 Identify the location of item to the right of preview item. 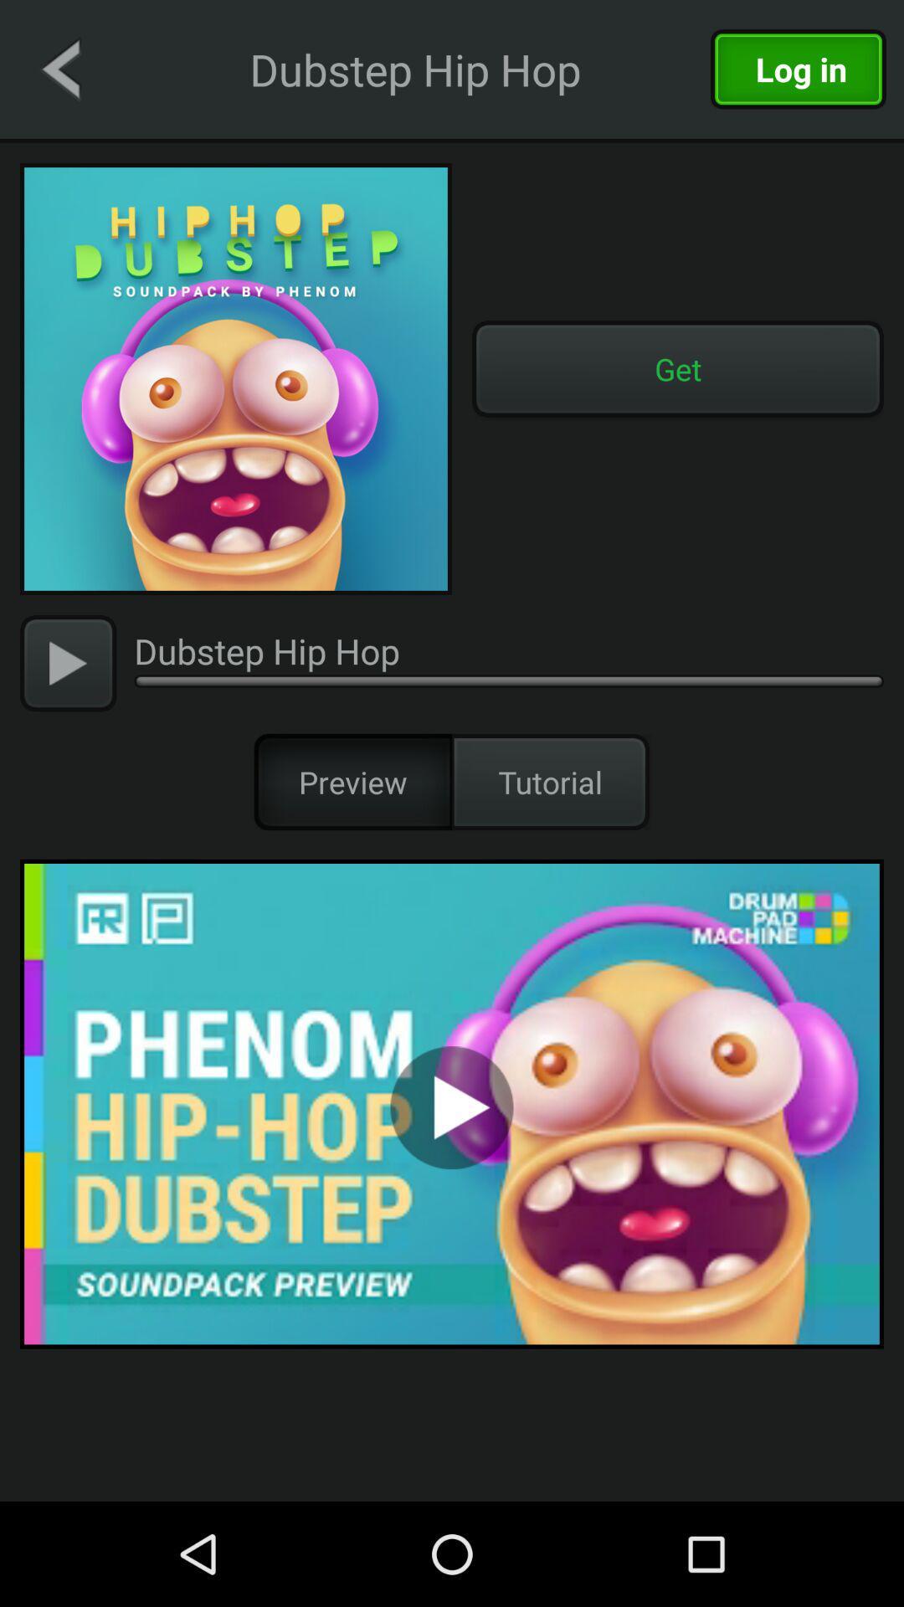
(551, 781).